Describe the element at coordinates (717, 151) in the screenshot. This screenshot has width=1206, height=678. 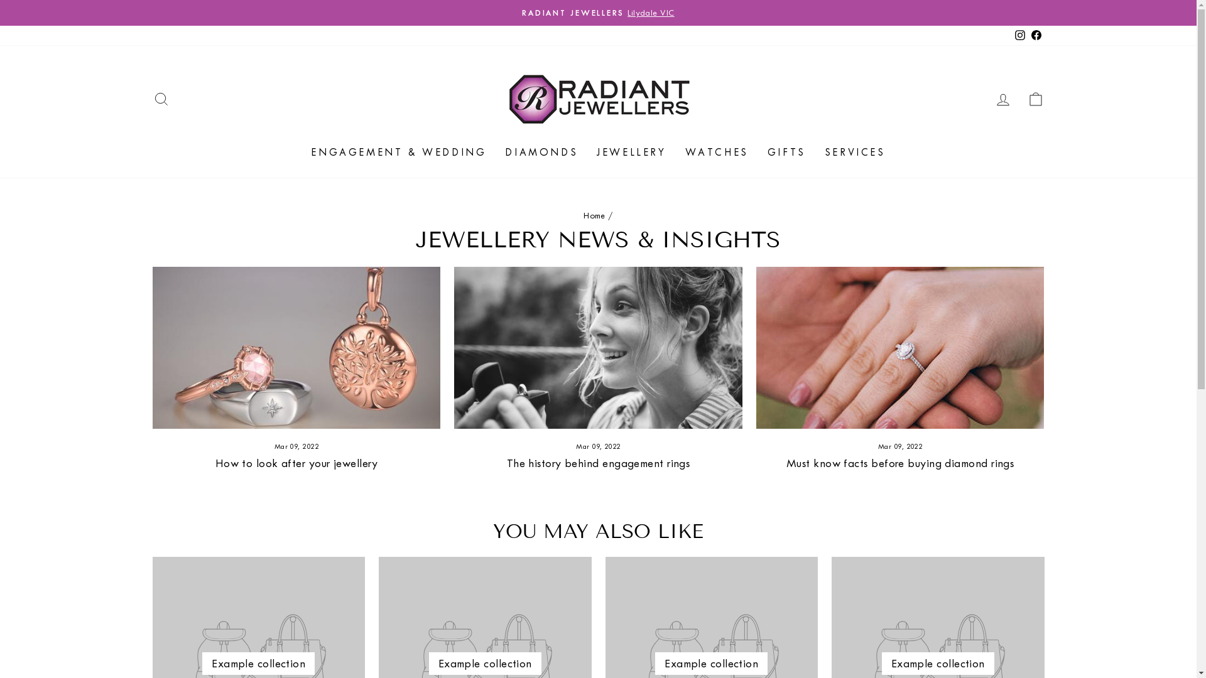
I see `'WATCHES'` at that location.